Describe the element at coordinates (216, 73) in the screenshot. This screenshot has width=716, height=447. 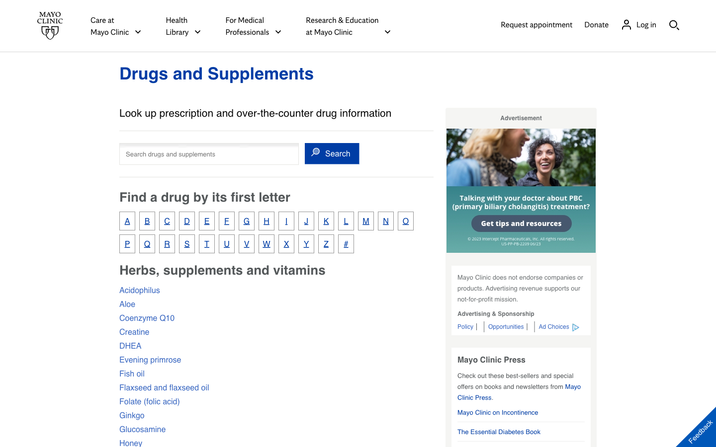
I see `Without entering any input, revivify the page Drugs and Supplements` at that location.